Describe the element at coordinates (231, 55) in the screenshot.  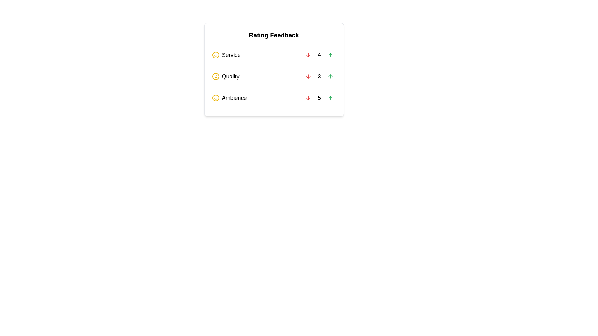
I see `the 'Service' text label located in the first row of a vertical list, aligned` at that location.